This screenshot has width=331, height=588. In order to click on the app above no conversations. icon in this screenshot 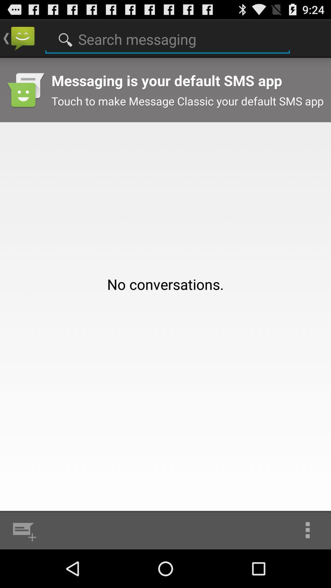, I will do `click(167, 37)`.